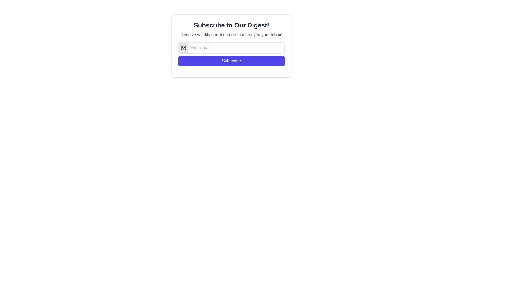 This screenshot has width=512, height=288. I want to click on the static text that reads 'Receive weekly curated content directly to your inbox!', which is positioned below the header 'Subscribe to Our Digest!' and above the email input field, so click(231, 35).